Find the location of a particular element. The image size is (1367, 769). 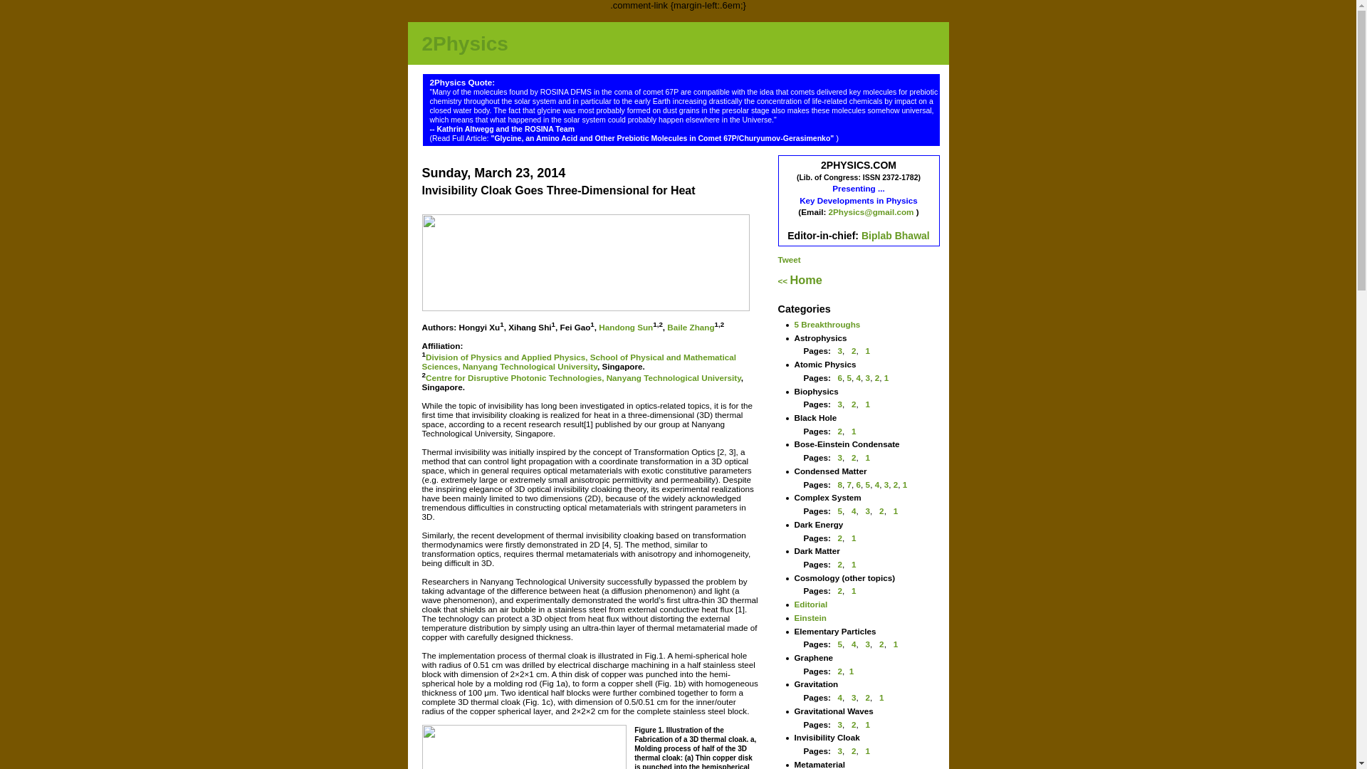

'3' is located at coordinates (840, 350).